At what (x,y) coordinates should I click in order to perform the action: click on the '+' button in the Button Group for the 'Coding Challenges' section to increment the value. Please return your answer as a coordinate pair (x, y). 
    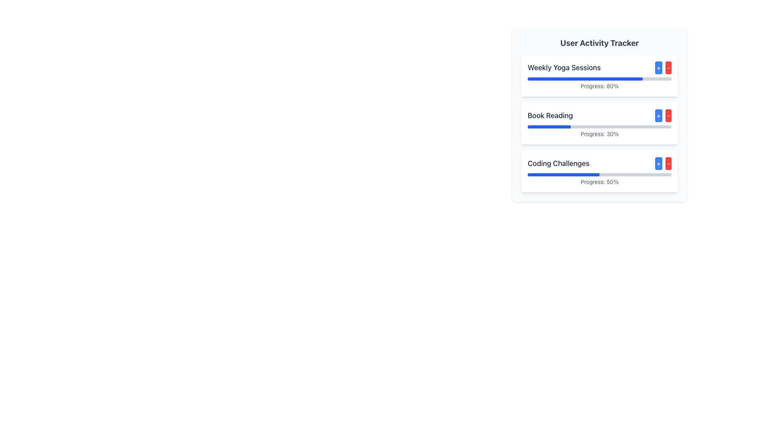
    Looking at the image, I should click on (663, 163).